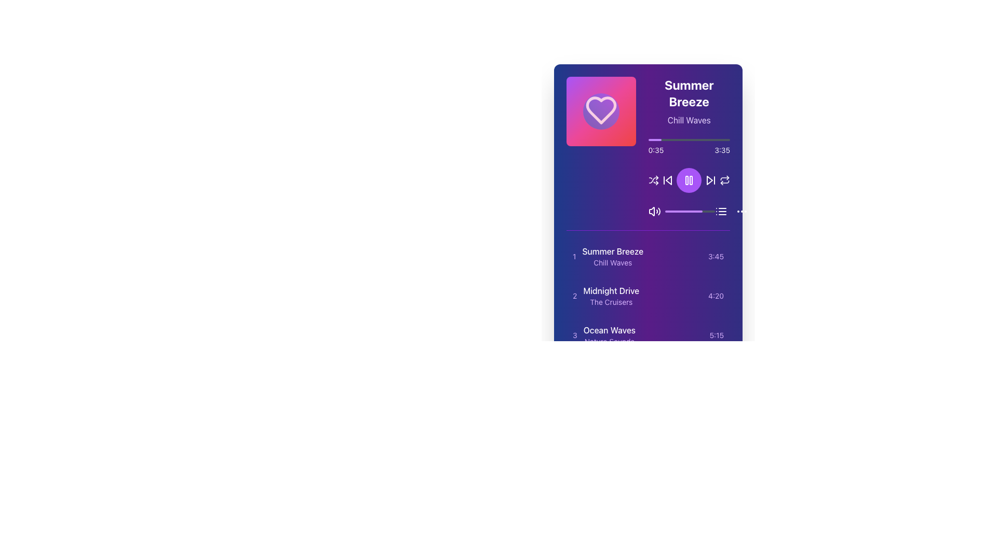 The image size is (997, 560). Describe the element at coordinates (709, 179) in the screenshot. I see `the triangular 'next' button located in the middle-right portion of the interface to skip forward` at that location.